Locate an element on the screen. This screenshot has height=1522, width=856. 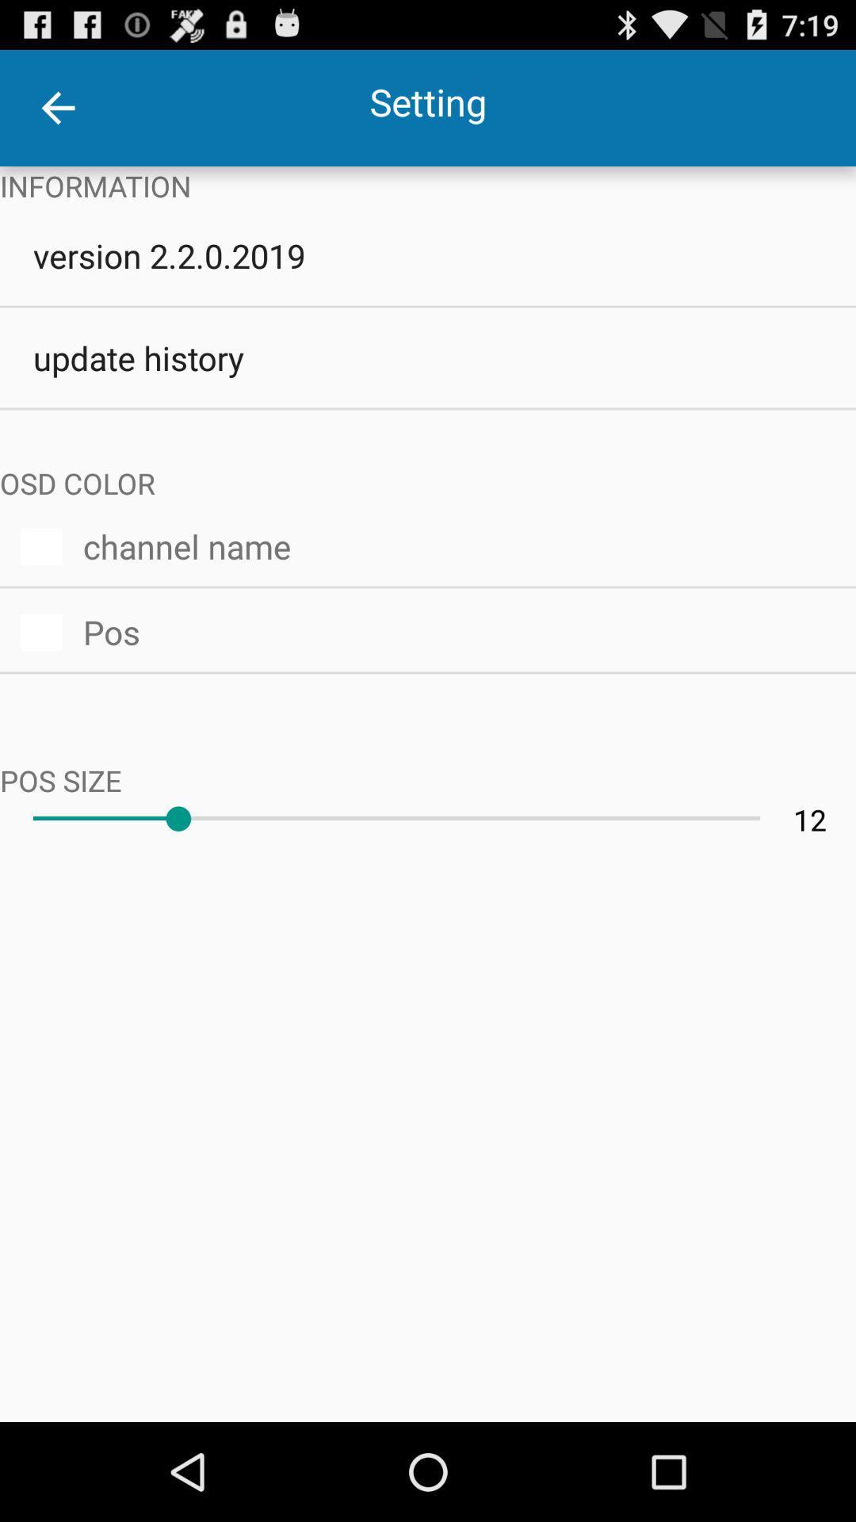
the version 2 2 item is located at coordinates (428, 255).